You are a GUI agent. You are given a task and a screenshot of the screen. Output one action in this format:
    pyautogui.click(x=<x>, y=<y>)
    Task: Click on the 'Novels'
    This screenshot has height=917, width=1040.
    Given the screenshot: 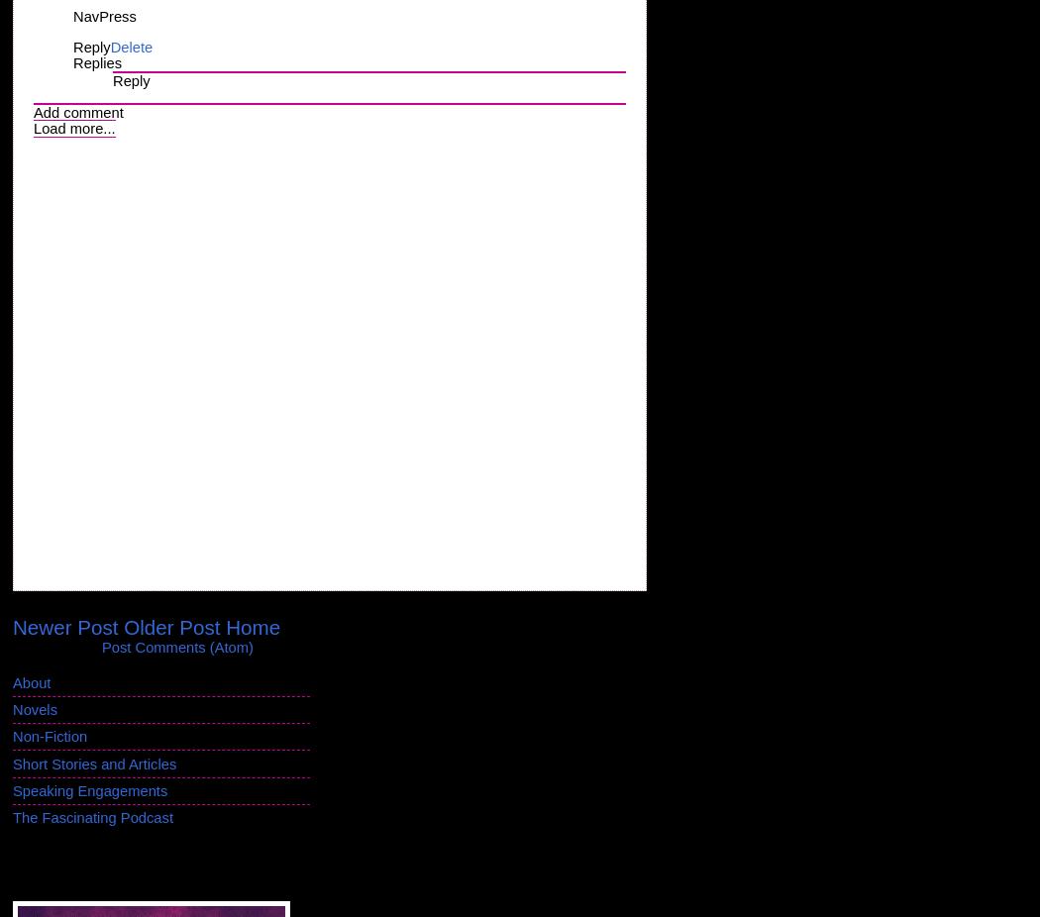 What is the action you would take?
    pyautogui.click(x=35, y=710)
    